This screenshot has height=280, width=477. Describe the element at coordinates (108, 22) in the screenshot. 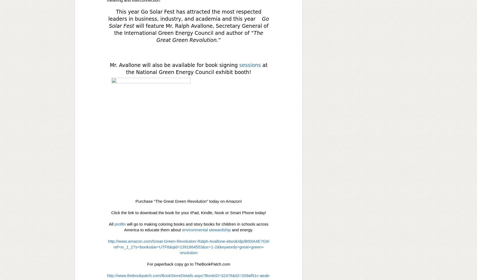

I see `'Go Solar Fest'` at that location.